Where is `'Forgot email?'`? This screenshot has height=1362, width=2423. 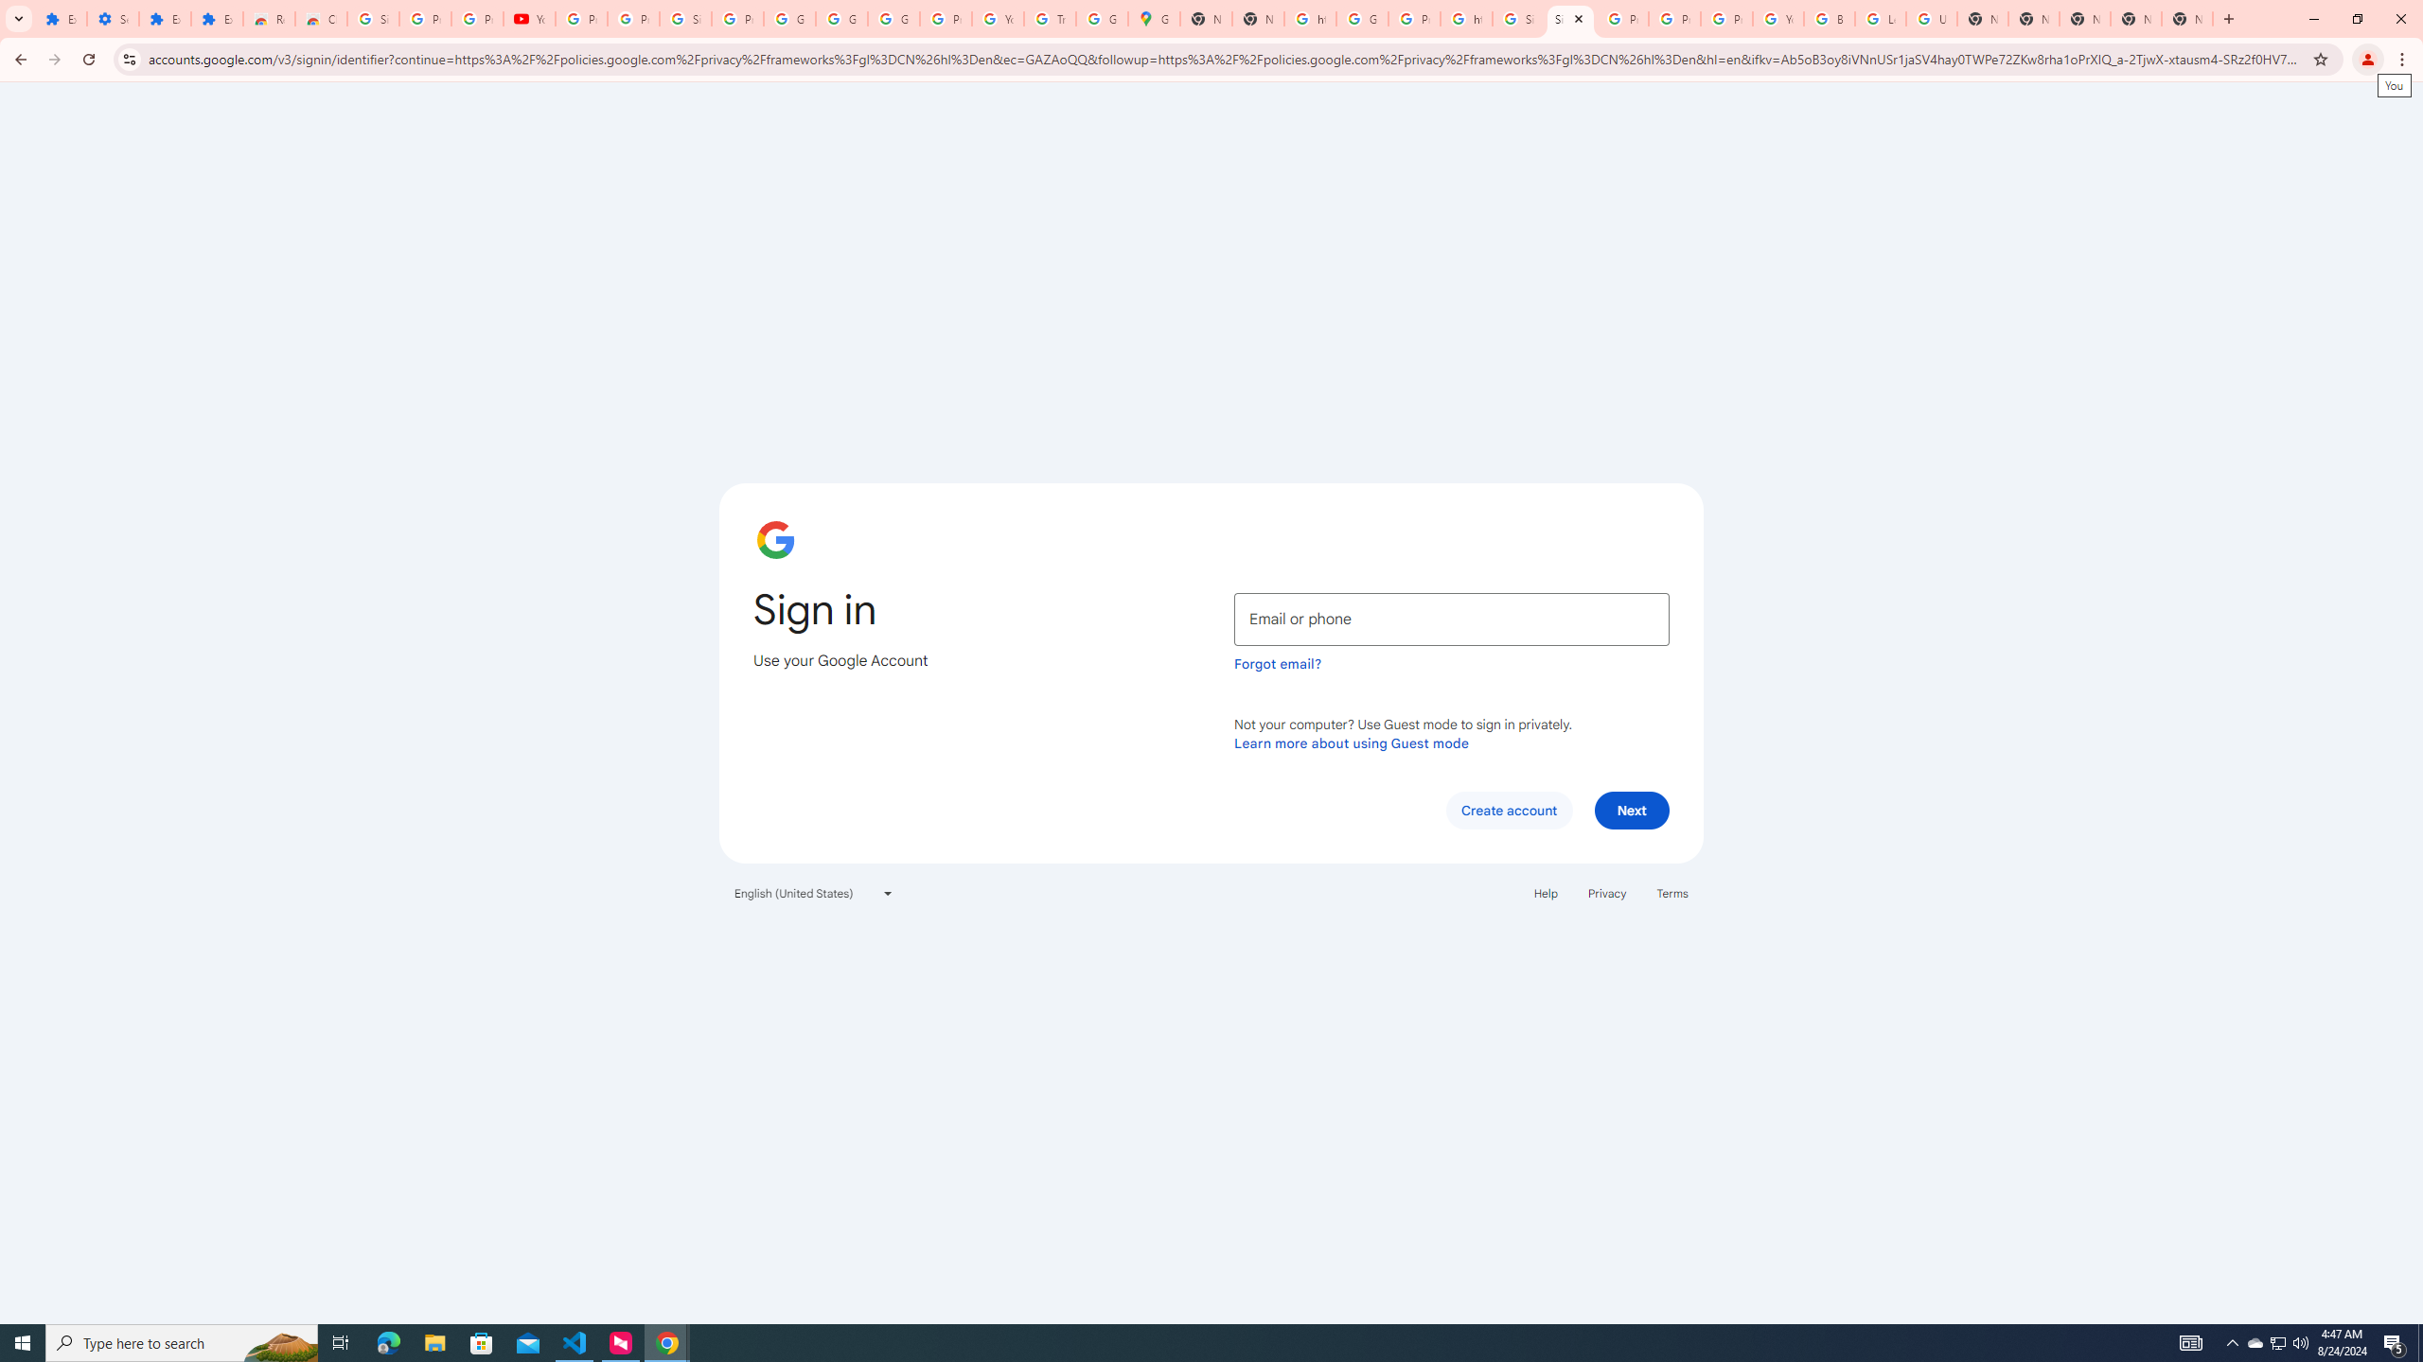 'Forgot email?' is located at coordinates (1277, 663).